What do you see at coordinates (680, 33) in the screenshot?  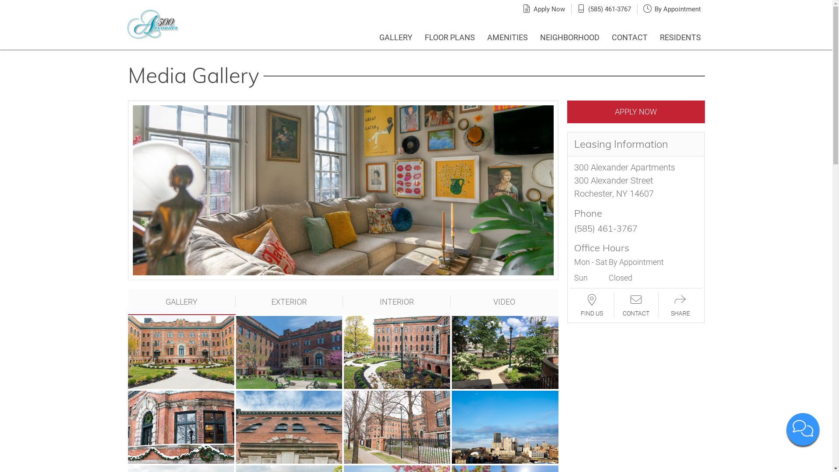 I see `'RESIDENTS'` at bounding box center [680, 33].